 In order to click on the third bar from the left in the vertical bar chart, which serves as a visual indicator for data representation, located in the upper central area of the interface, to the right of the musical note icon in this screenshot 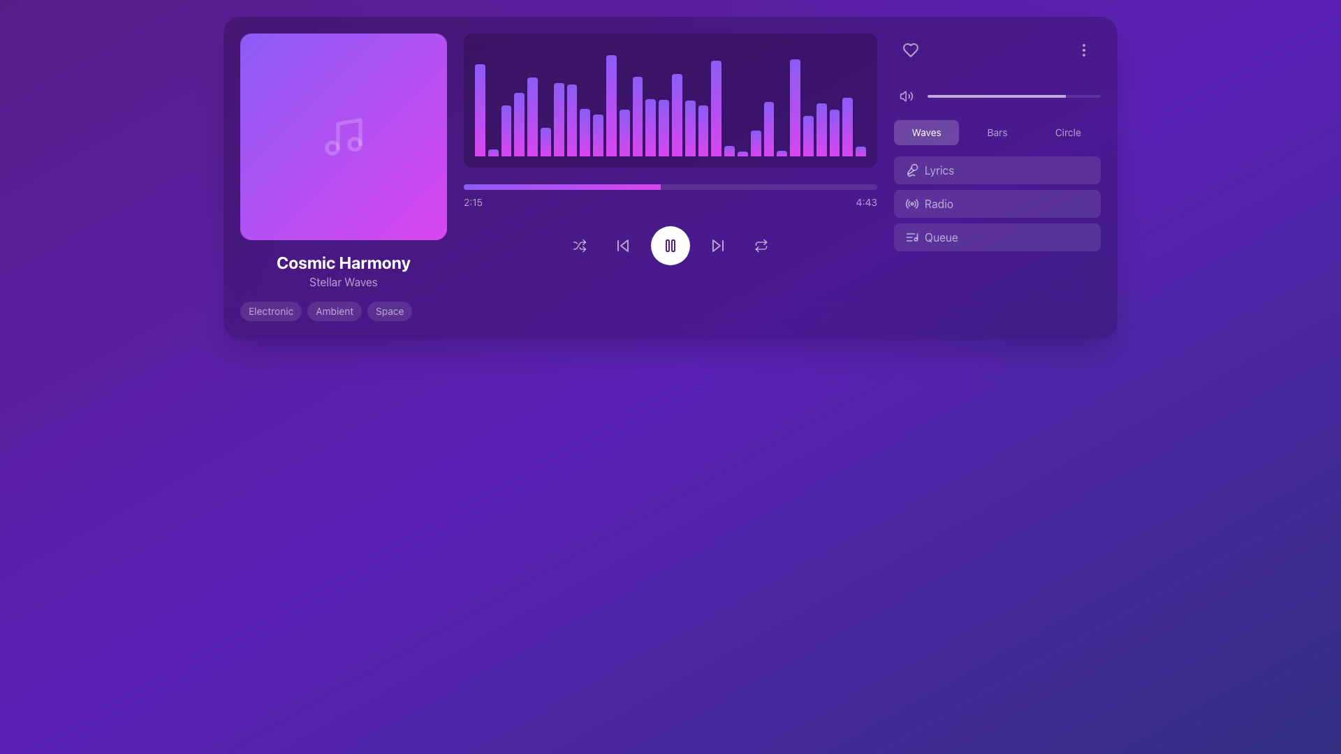, I will do `click(505, 131)`.